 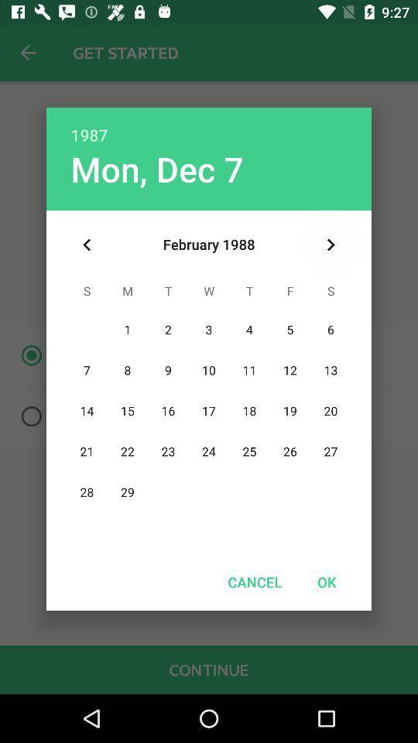 I want to click on cancel item, so click(x=255, y=581).